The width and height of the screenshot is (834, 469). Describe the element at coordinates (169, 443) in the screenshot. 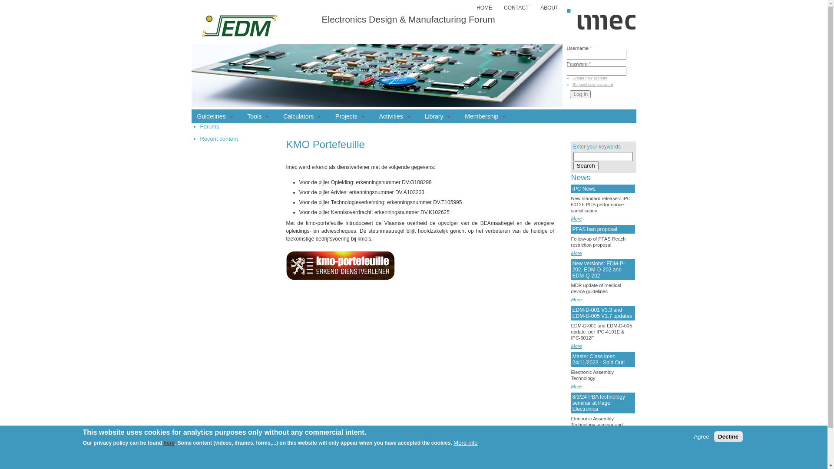

I see `'here'` at that location.